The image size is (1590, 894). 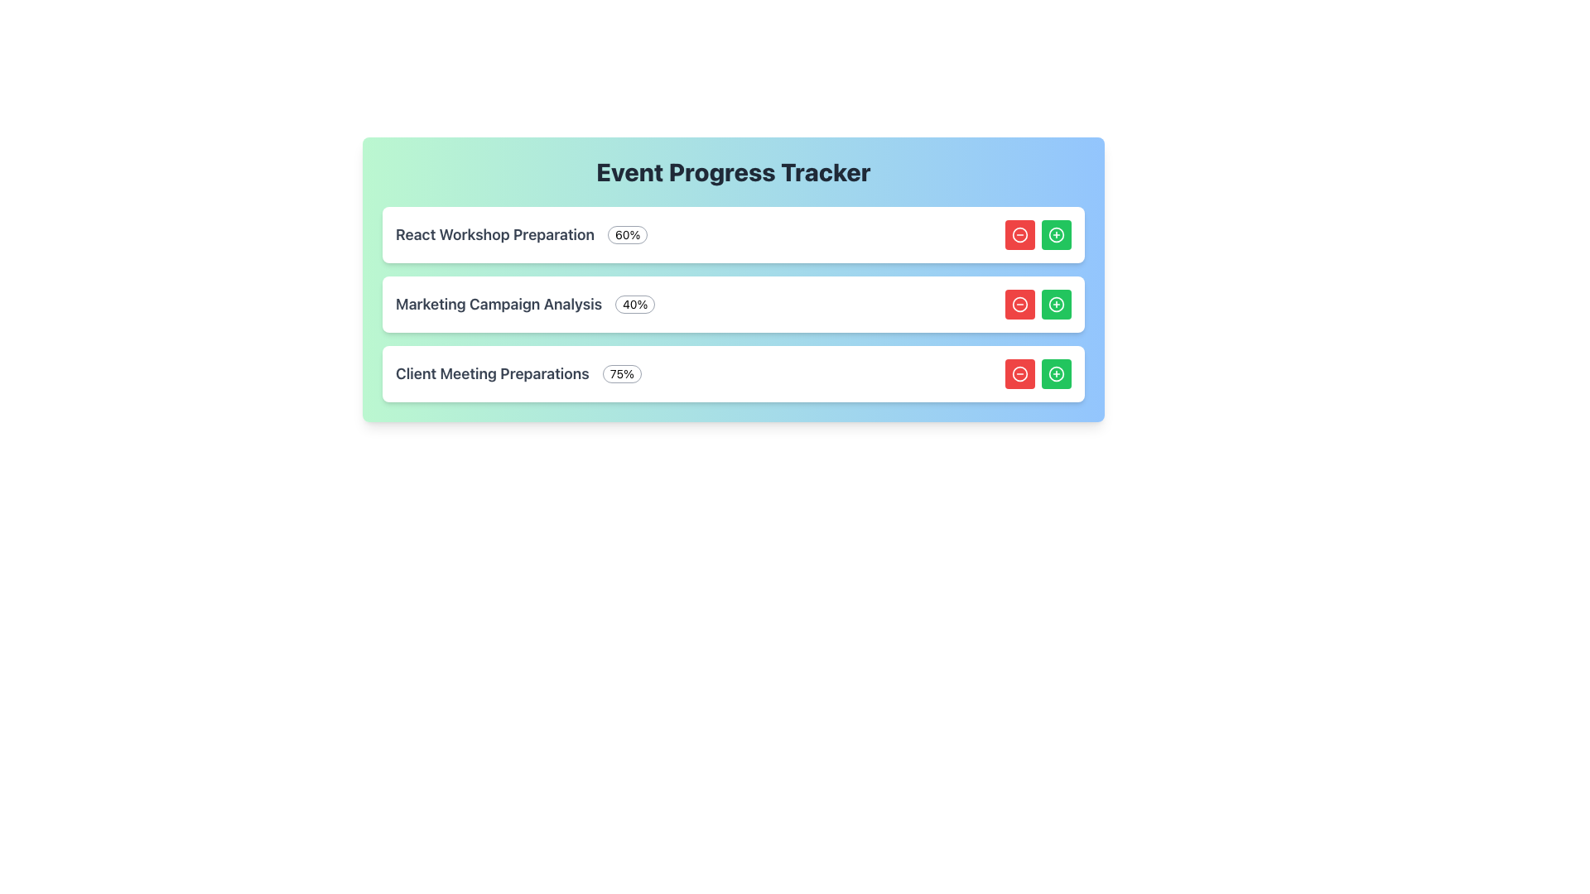 What do you see at coordinates (634, 304) in the screenshot?
I see `the small oval-shaped gray badge displaying '40%' located to the right of the 'Marketing Campaign Analysis' text` at bounding box center [634, 304].